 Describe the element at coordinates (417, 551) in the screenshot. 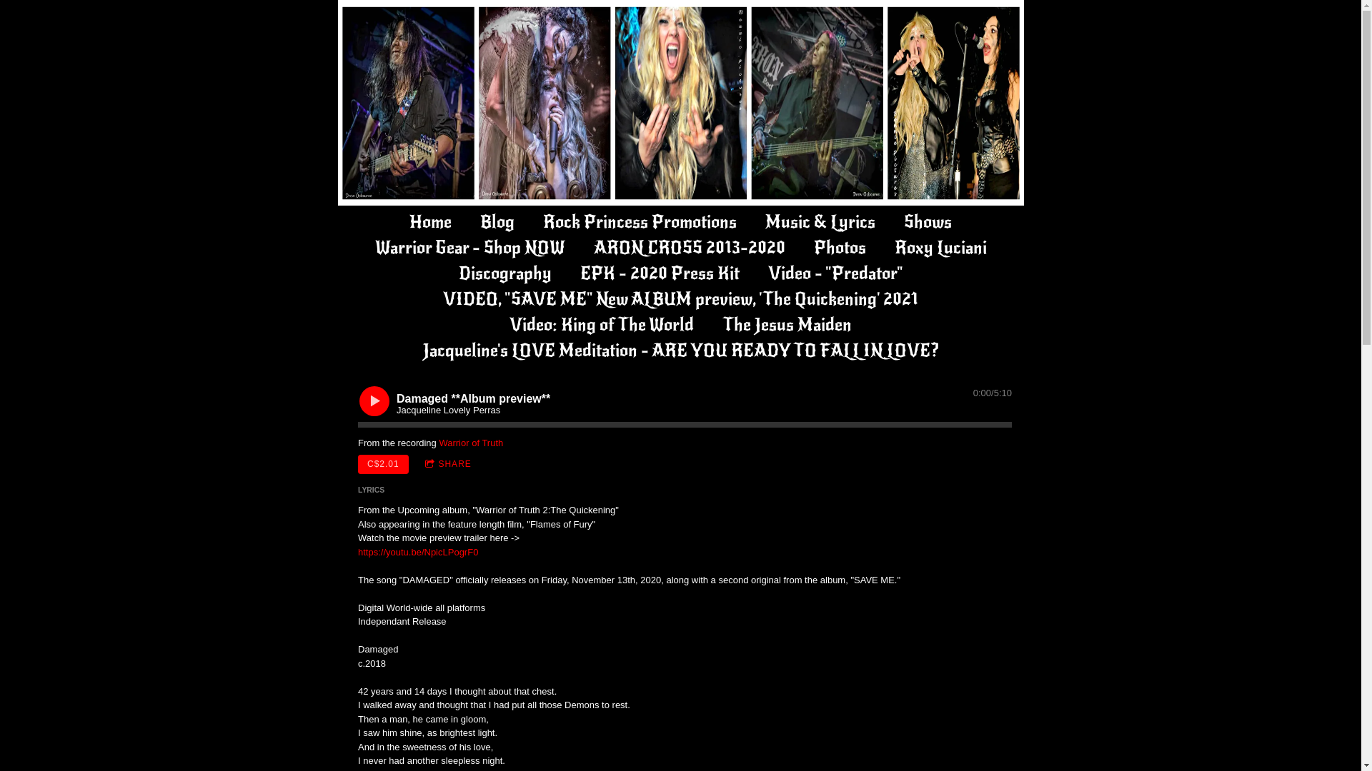

I see `'https://youtu.be/NpicLPogrF0'` at that location.